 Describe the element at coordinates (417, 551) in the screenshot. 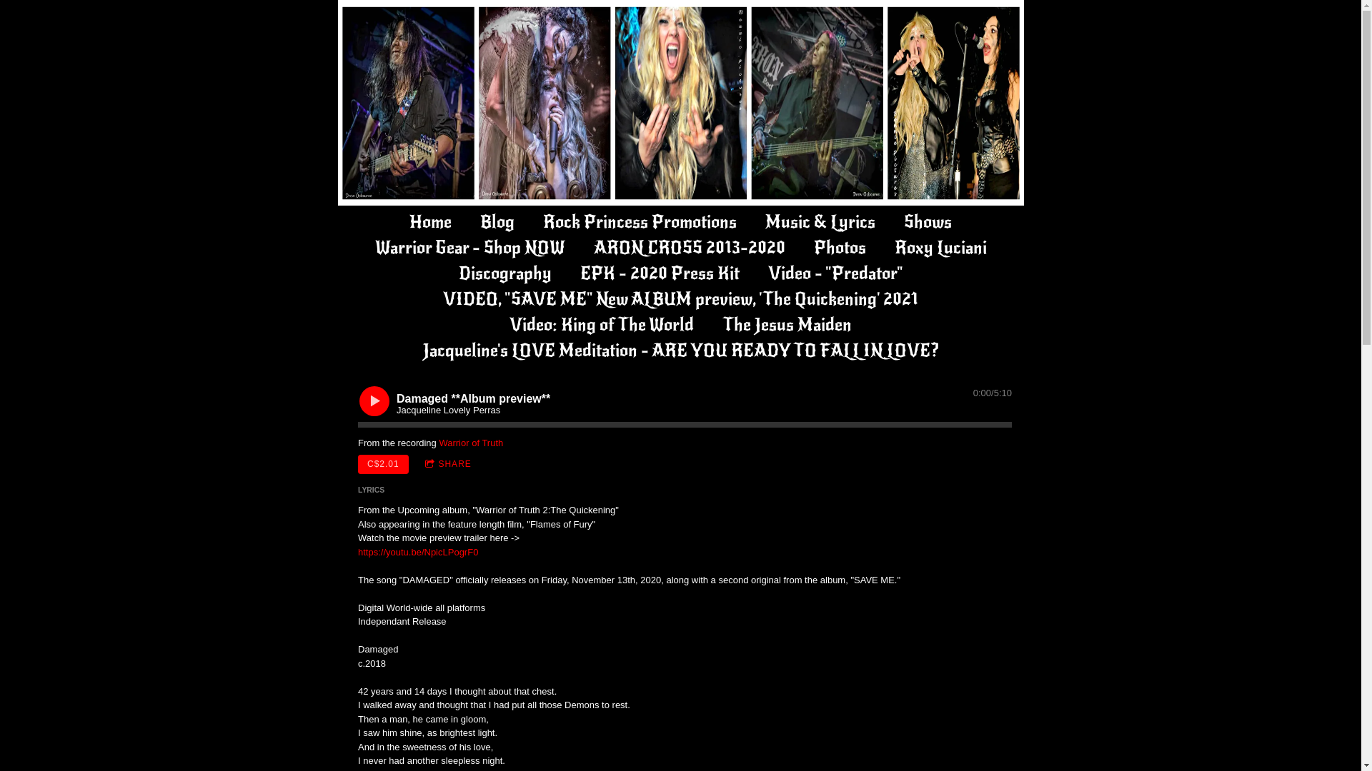

I see `'https://youtu.be/NpicLPogrF0'` at that location.